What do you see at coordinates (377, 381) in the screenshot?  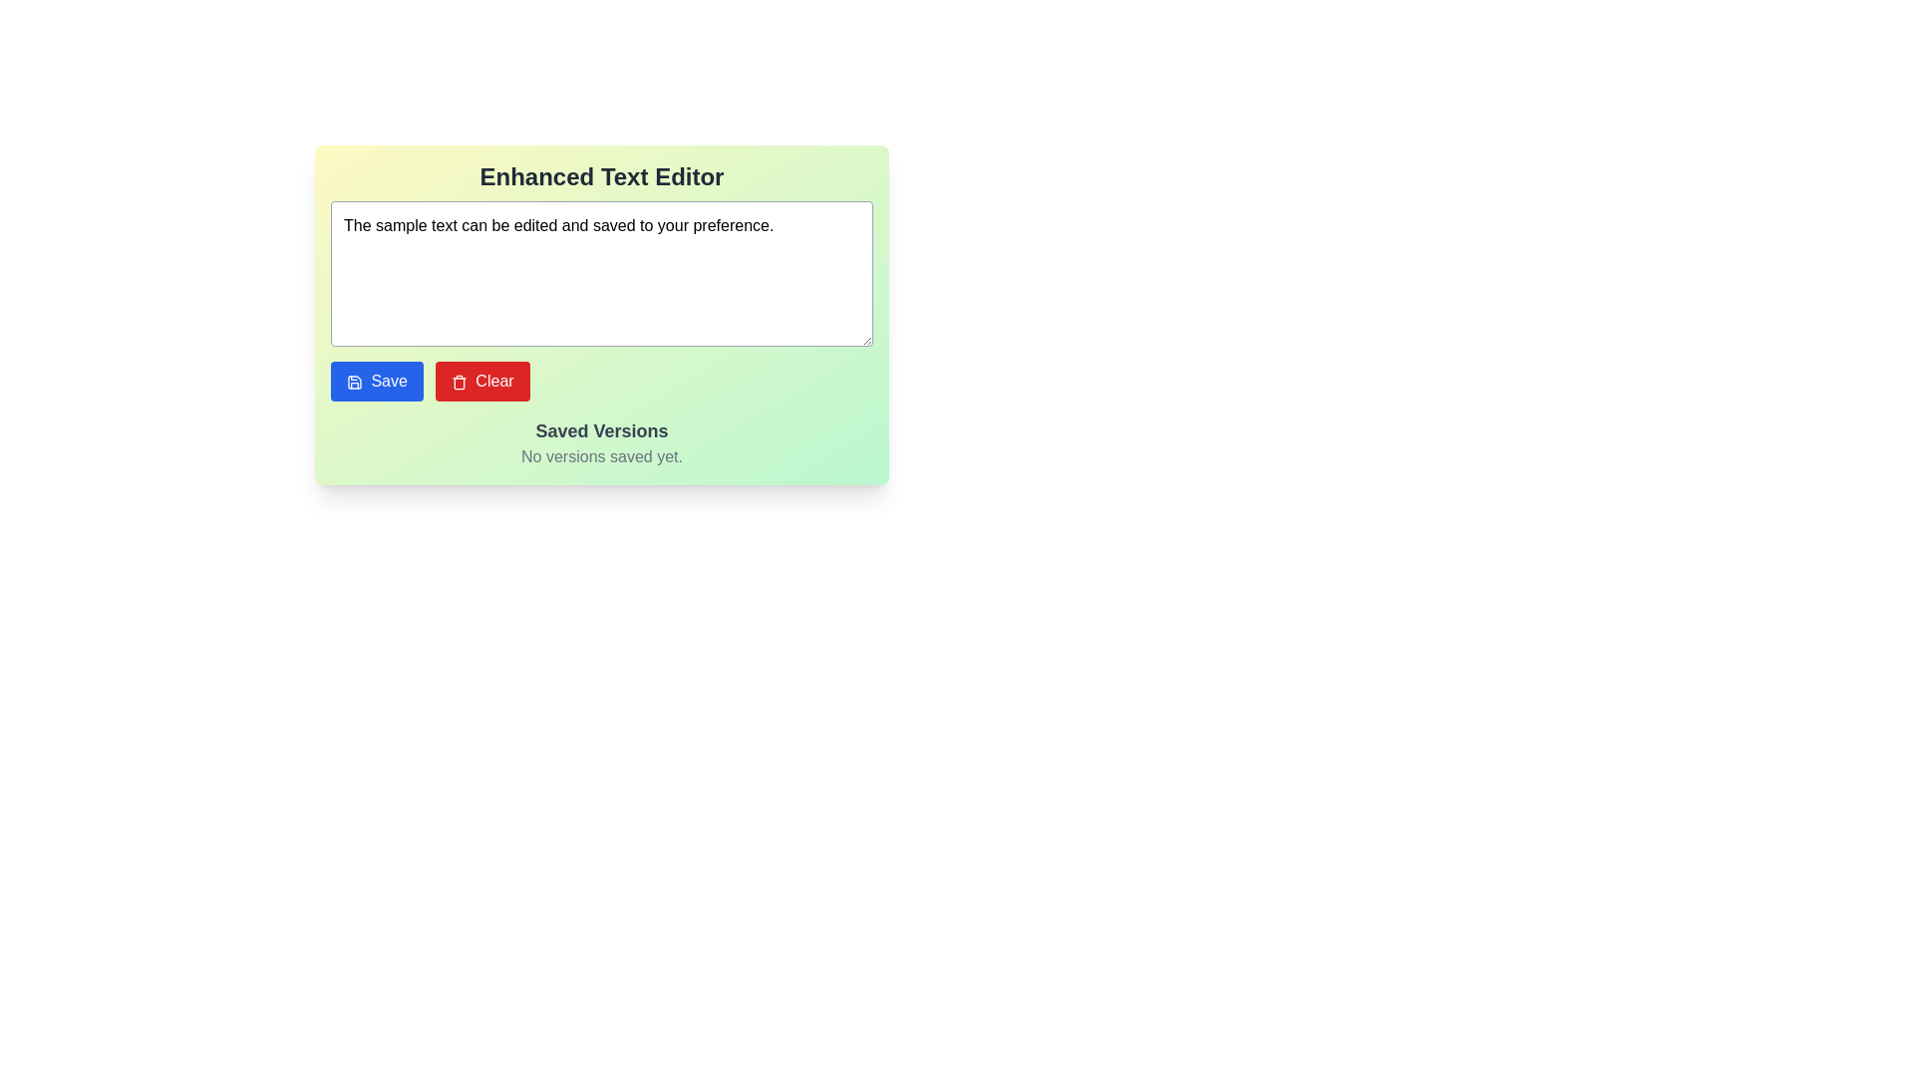 I see `the 'Save' button located below the text area in the centered card component` at bounding box center [377, 381].